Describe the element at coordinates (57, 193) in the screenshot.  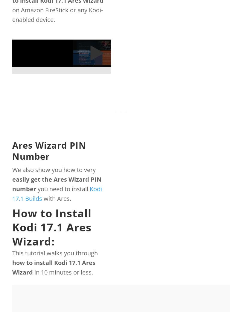
I see `'Kodi 17.1 Builds'` at that location.